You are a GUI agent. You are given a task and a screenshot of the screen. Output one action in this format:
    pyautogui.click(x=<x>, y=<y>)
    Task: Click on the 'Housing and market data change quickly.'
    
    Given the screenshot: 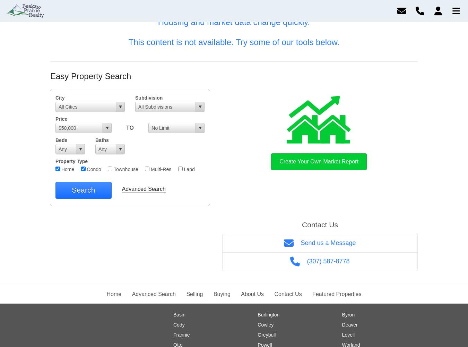 What is the action you would take?
    pyautogui.click(x=157, y=22)
    